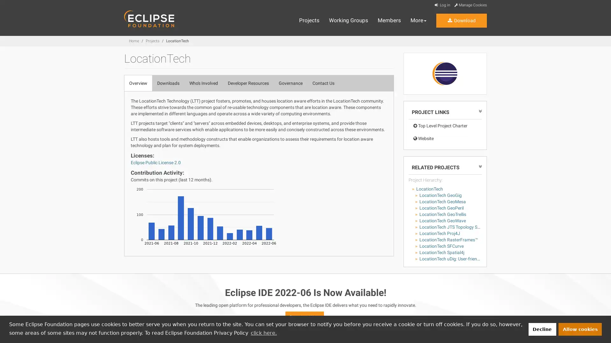  What do you see at coordinates (263, 333) in the screenshot?
I see `learn more about cookies` at bounding box center [263, 333].